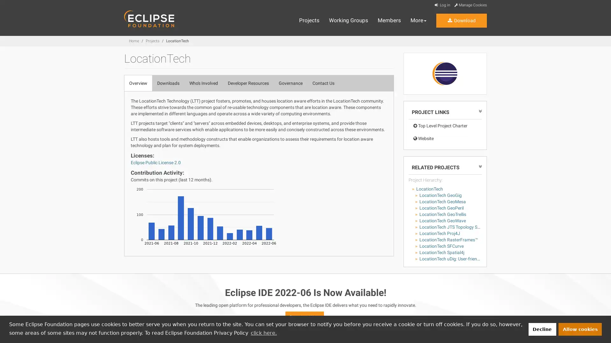  What do you see at coordinates (263, 333) in the screenshot?
I see `learn more about cookies` at bounding box center [263, 333].